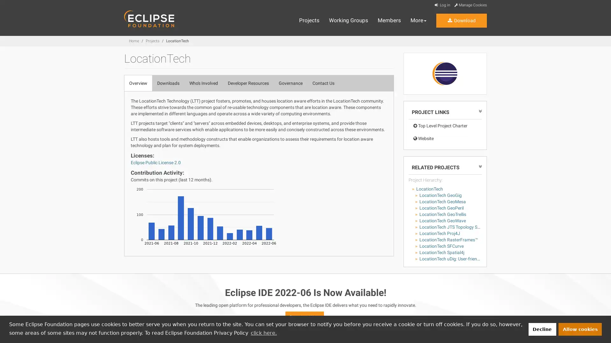  What do you see at coordinates (263, 333) in the screenshot?
I see `learn more about cookies` at bounding box center [263, 333].